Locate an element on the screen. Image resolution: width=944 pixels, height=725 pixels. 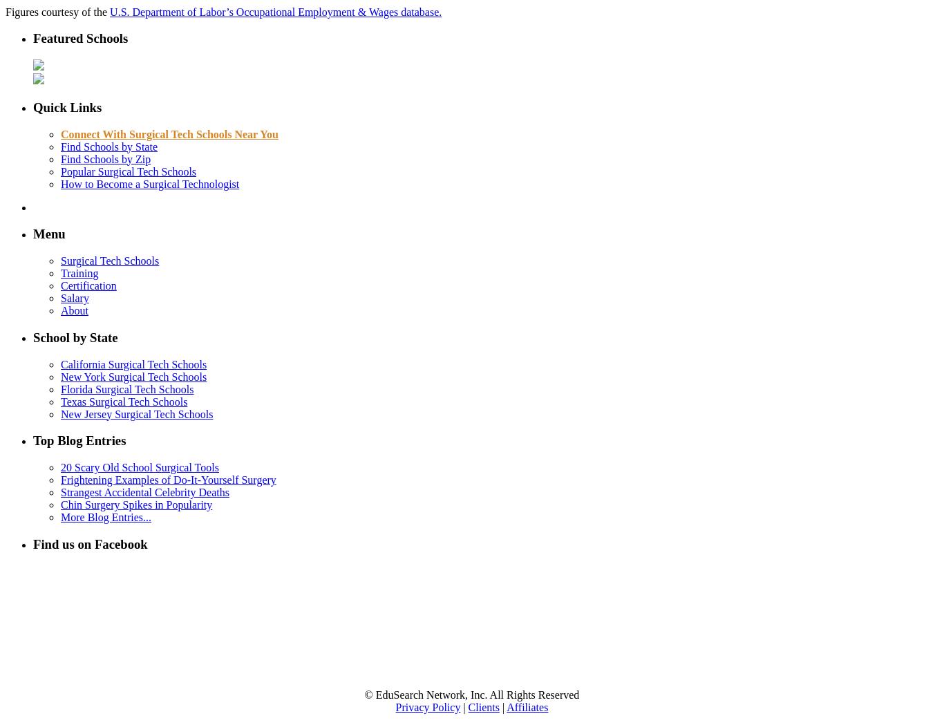
'U.S. Department of Labor’s Occupational Employment & Wages database.' is located at coordinates (275, 10).